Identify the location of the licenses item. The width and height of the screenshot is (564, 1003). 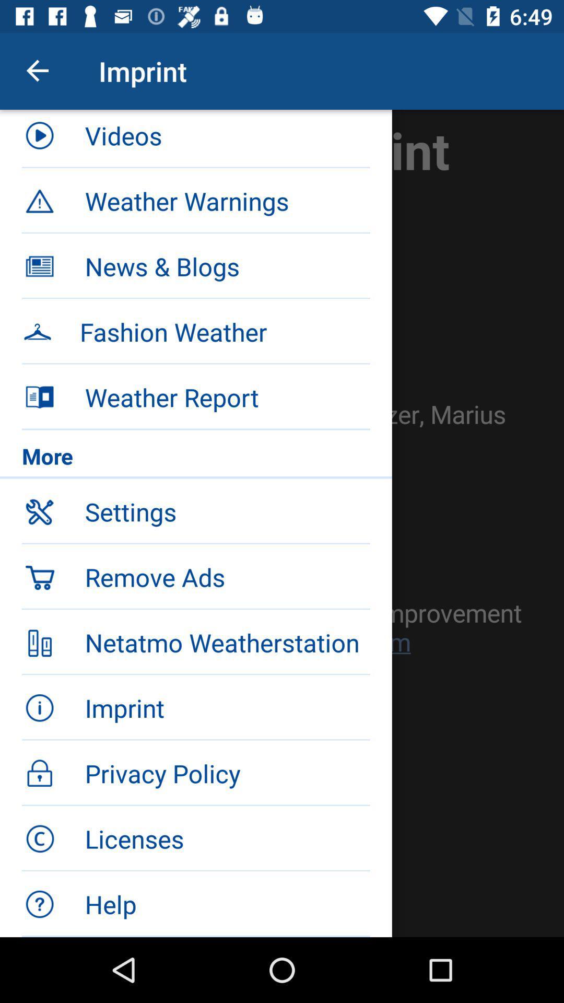
(227, 838).